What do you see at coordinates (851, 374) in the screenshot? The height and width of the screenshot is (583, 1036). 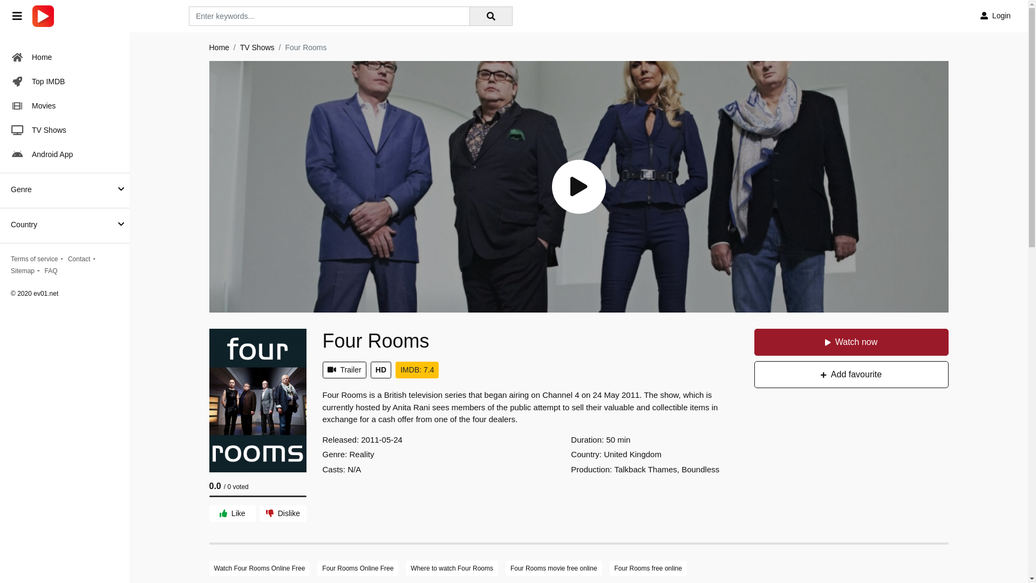 I see `'Add favourite'` at bounding box center [851, 374].